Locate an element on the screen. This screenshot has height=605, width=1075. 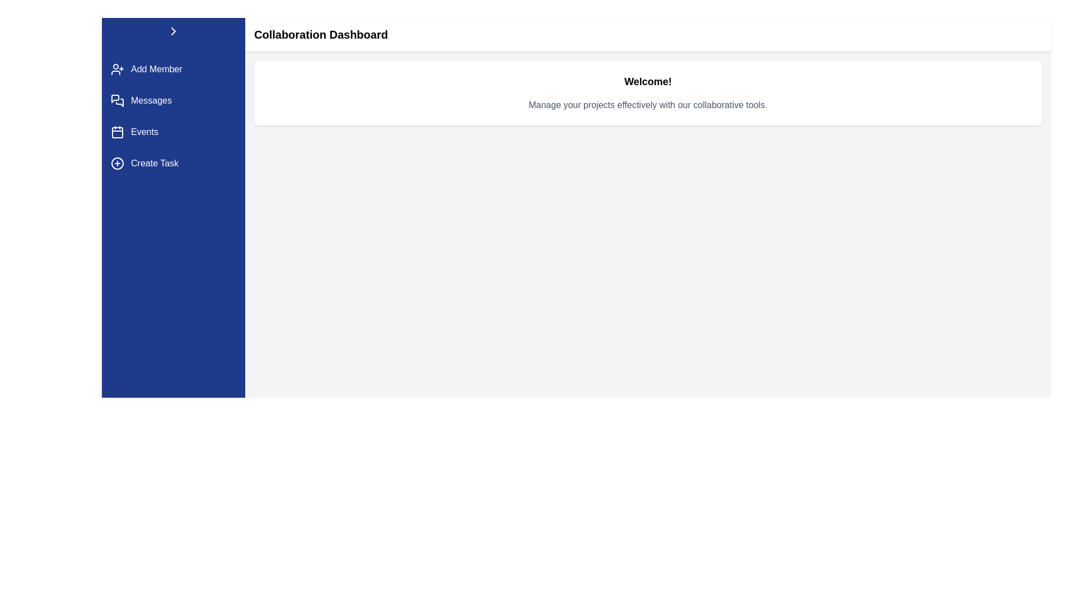
the Text label in the vertical navigation bar, located below the 'Events' option is located at coordinates (154, 164).